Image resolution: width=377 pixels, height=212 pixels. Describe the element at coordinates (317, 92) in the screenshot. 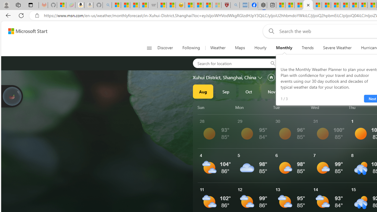

I see `'2025 Jan'` at that location.